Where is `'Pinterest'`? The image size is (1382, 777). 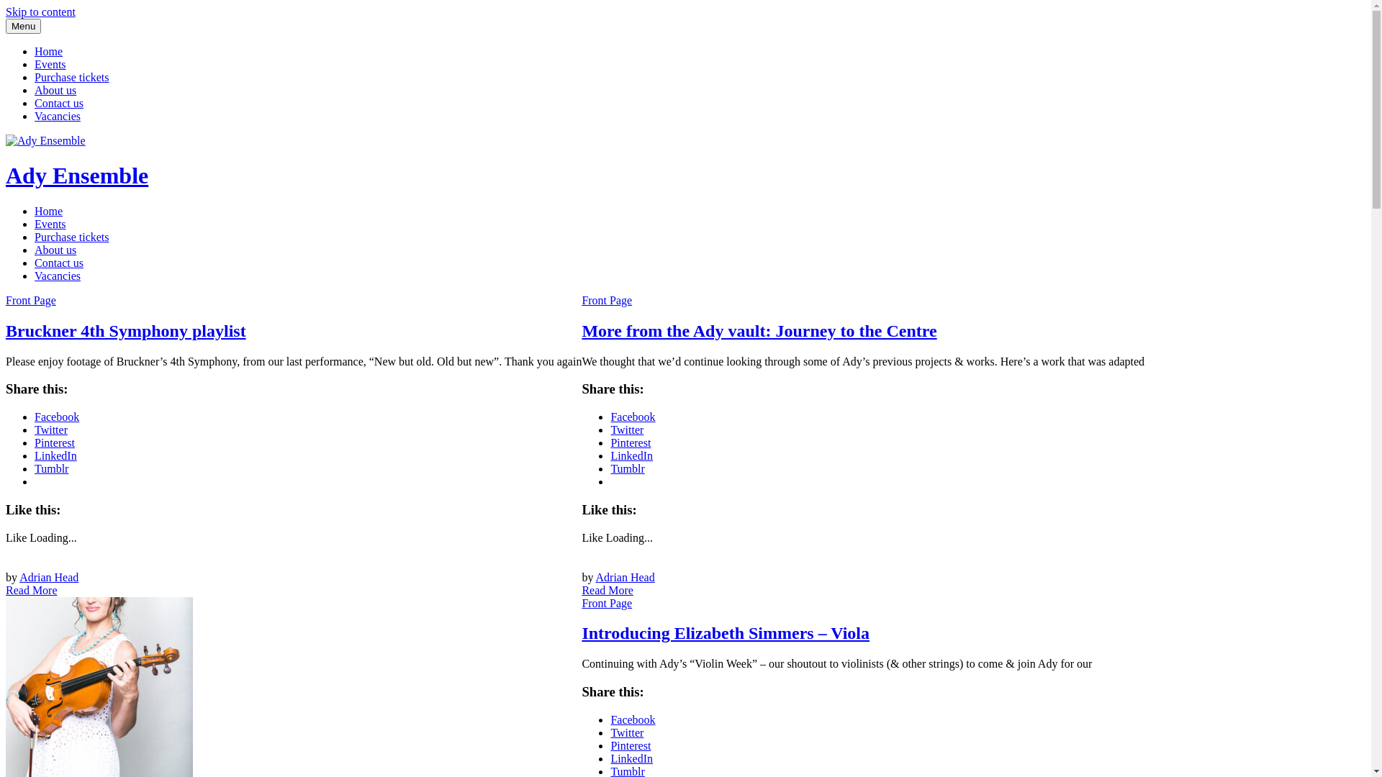 'Pinterest' is located at coordinates (35, 442).